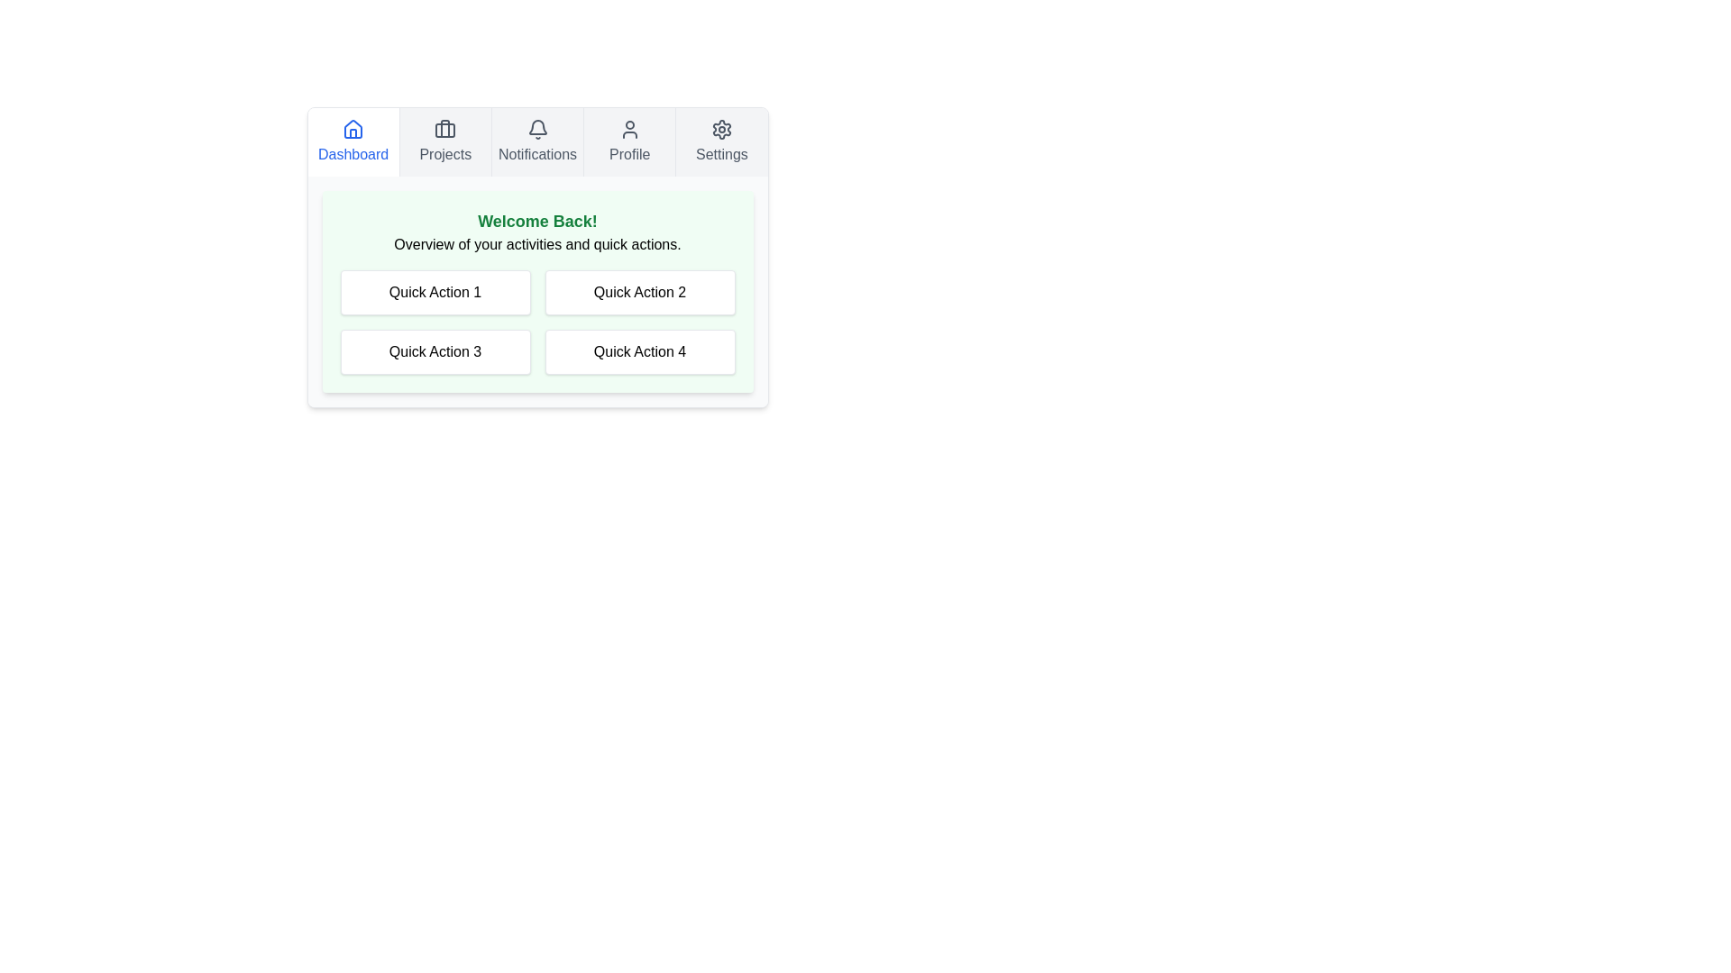 Image resolution: width=1731 pixels, height=973 pixels. I want to click on the gray line-art bell icon located centrally on the top navigation bar, so click(536, 128).